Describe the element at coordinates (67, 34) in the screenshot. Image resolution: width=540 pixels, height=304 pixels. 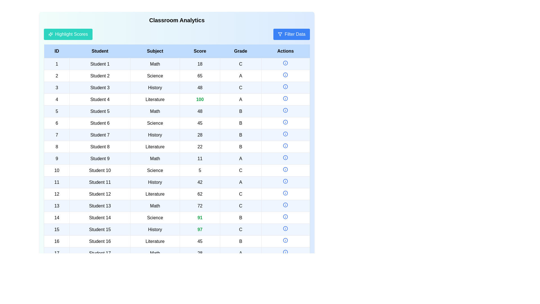
I see `'Highlight Scores' button` at that location.